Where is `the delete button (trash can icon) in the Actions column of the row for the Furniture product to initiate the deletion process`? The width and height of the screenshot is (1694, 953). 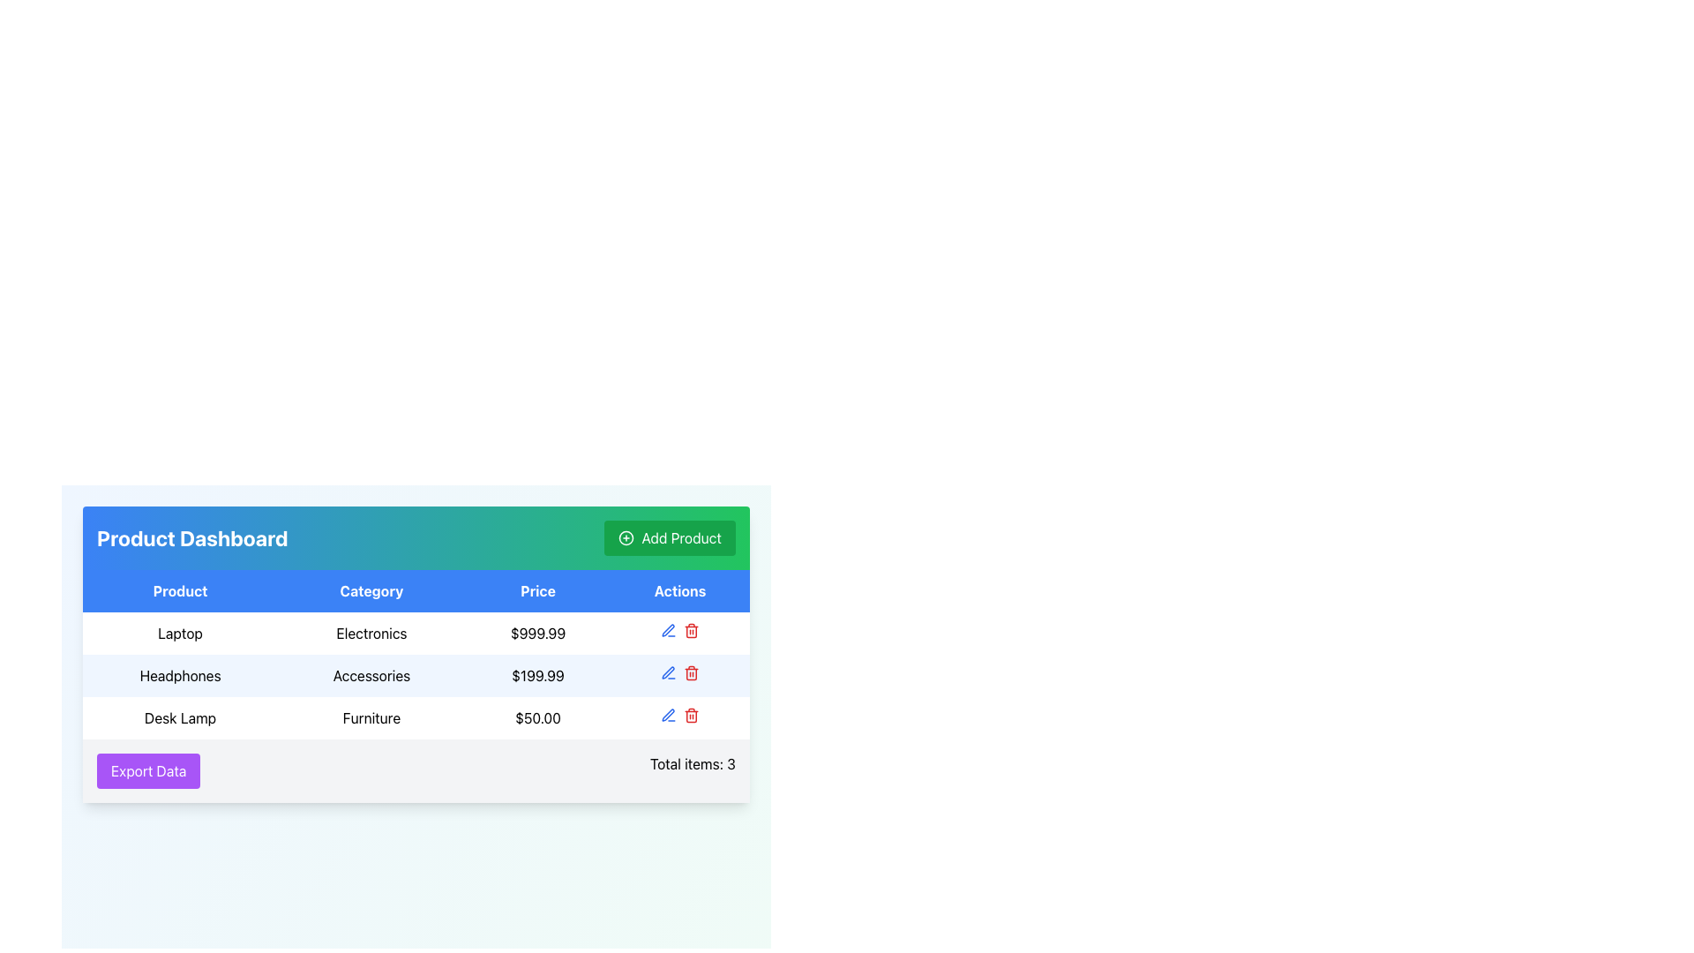 the delete button (trash can icon) in the Actions column of the row for the Furniture product to initiate the deletion process is located at coordinates (690, 715).